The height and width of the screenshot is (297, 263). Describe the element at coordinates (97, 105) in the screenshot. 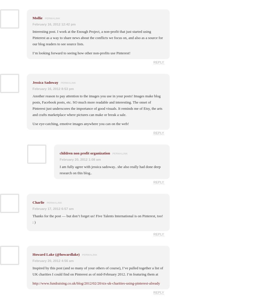

I see `'Another reason to pay attention to the images you use in your posts! Images make blog posts, Facebook posts, etc. SO much more readable and interesting. The onset of Pinterest just underscores the importance of good visuals. It reminds me of Etsy, the arts and crafts marketplace where pictures can make or break a sale.'` at that location.